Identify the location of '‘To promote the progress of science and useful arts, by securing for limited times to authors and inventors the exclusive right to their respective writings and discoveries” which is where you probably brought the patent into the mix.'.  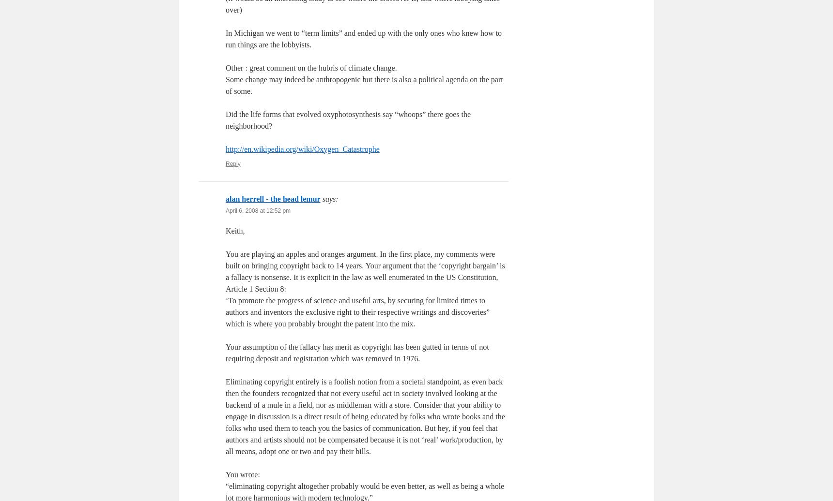
(357, 311).